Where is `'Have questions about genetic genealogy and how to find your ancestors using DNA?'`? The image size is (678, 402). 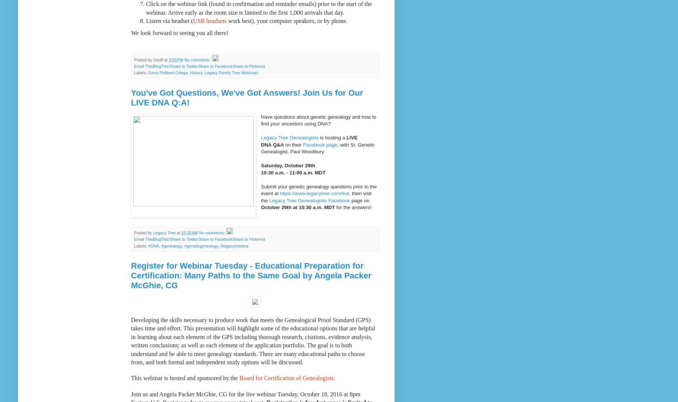 'Have questions about genetic genealogy and how to find your ancestors using DNA?' is located at coordinates (318, 120).